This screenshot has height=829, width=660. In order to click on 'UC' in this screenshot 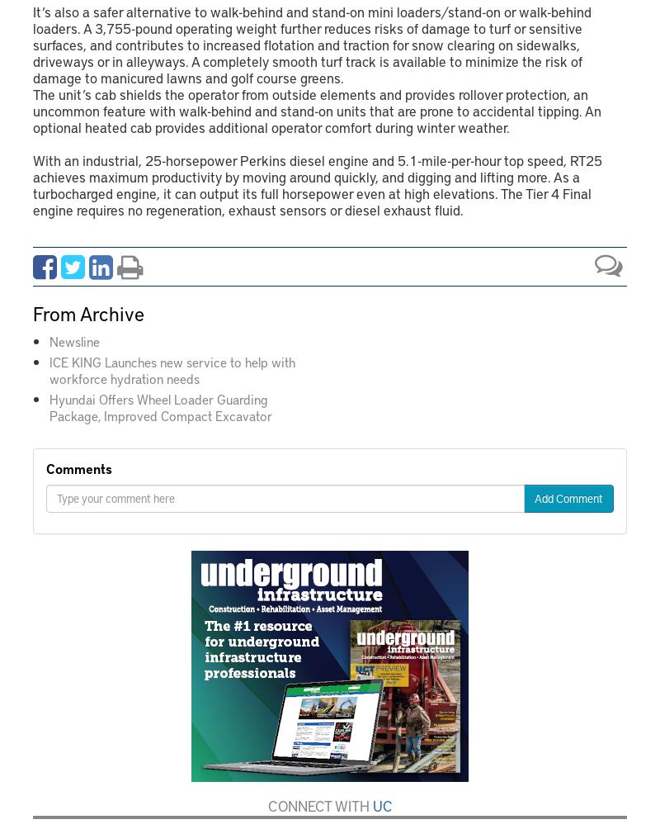, I will do `click(380, 803)`.